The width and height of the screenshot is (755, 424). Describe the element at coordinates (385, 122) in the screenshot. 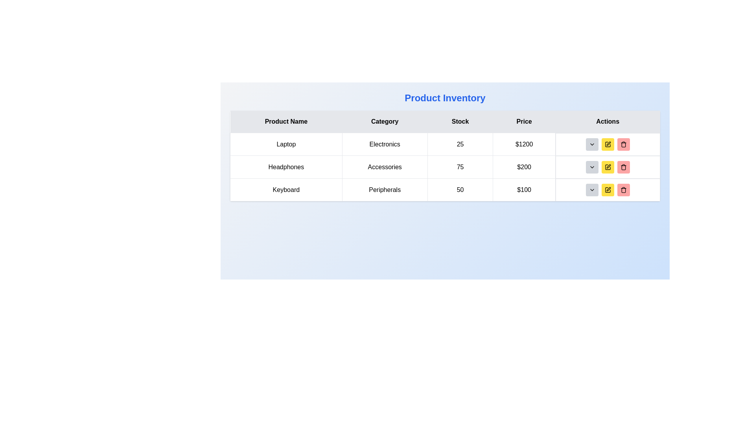

I see `the 'Category' column header cell in the 'Product Inventory' table, which is positioned between the 'Product Name' and 'Stock' headers` at that location.